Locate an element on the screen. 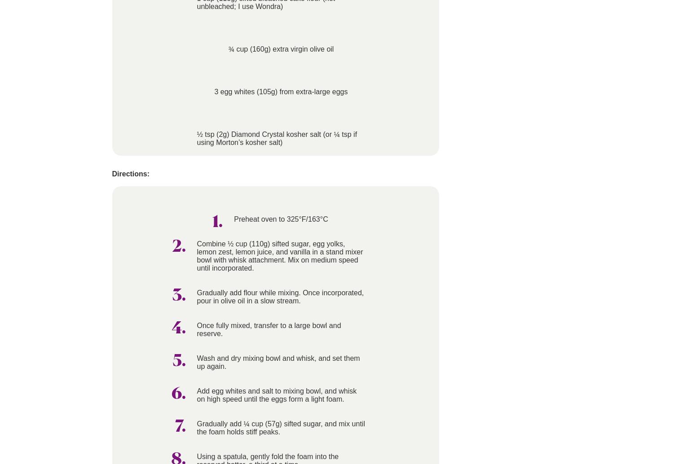 The image size is (696, 464). 'Preheat oven to 325°F/163°C' is located at coordinates (280, 219).